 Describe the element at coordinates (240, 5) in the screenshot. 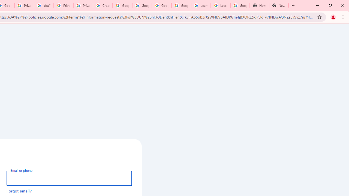

I see `'Google Account'` at that location.